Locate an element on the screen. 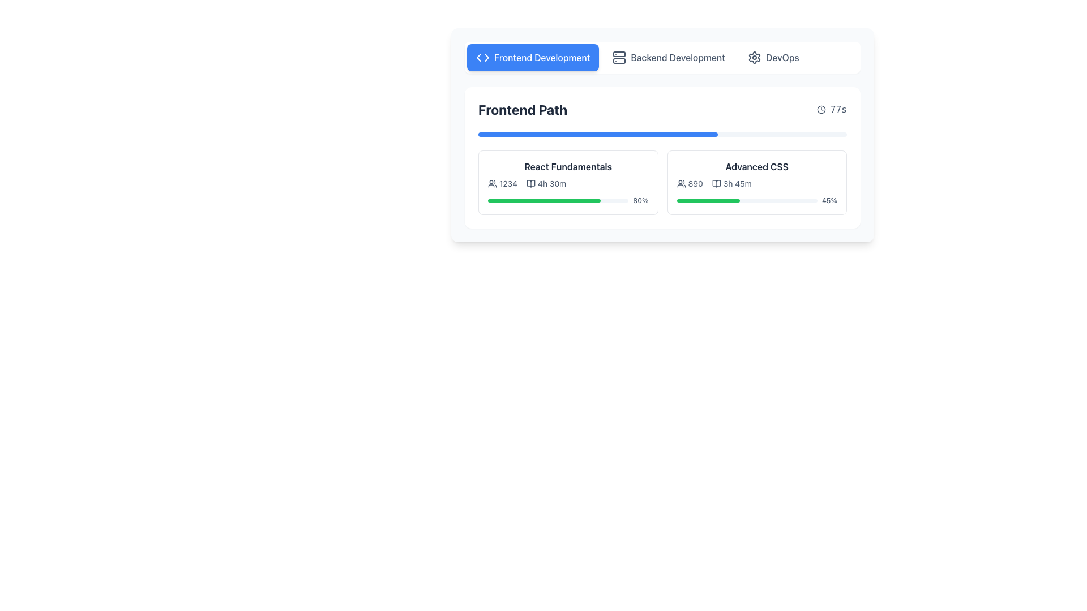 The height and width of the screenshot is (611, 1087). the text label displaying '48s' in a monospaced font, located at the top-right corner of a card interface, paired with a clock icon is located at coordinates (838, 109).